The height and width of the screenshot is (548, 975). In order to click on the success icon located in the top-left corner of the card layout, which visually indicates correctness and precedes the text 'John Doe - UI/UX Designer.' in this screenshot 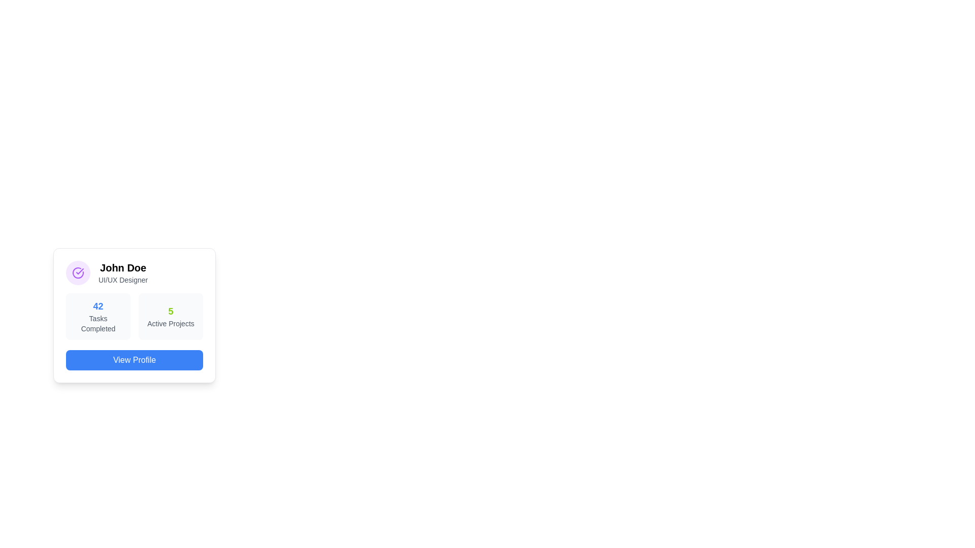, I will do `click(77, 272)`.